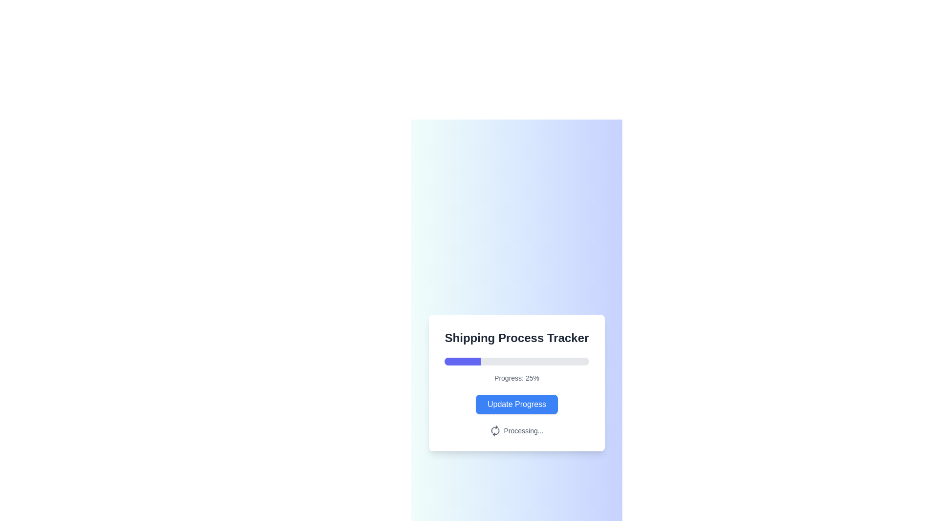 This screenshot has width=938, height=527. What do you see at coordinates (523, 430) in the screenshot?
I see `the text label displaying 'Processing...' located at the bottom of the card interface, adjacent to the left of the spinning refresh icon` at bounding box center [523, 430].